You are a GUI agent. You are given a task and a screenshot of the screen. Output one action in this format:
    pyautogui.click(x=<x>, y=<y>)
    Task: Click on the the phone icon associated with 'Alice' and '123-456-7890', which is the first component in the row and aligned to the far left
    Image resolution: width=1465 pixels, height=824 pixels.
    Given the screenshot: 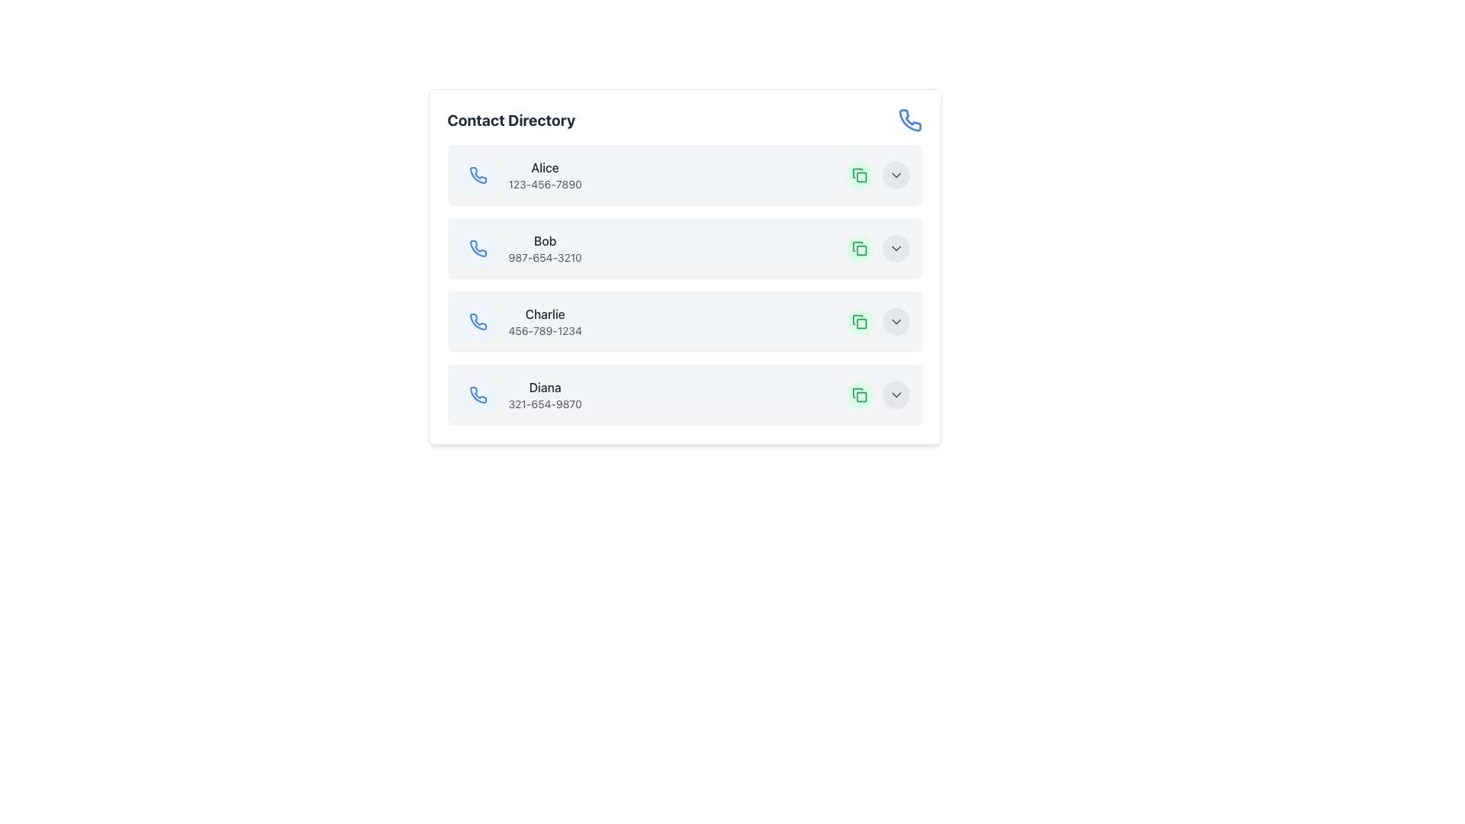 What is the action you would take?
    pyautogui.click(x=477, y=175)
    